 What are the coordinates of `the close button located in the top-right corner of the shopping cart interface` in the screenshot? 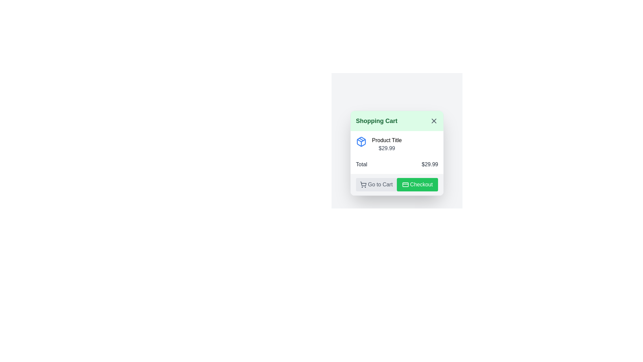 It's located at (434, 121).